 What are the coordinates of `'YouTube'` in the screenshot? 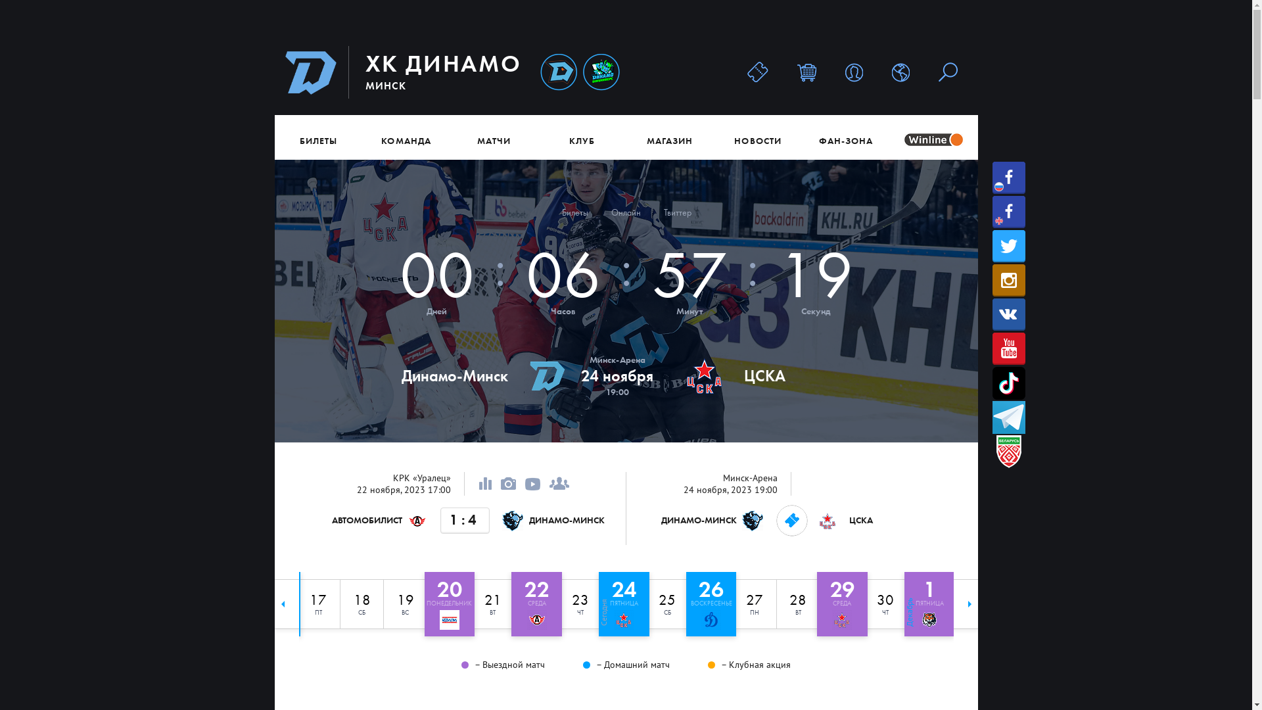 It's located at (1008, 348).